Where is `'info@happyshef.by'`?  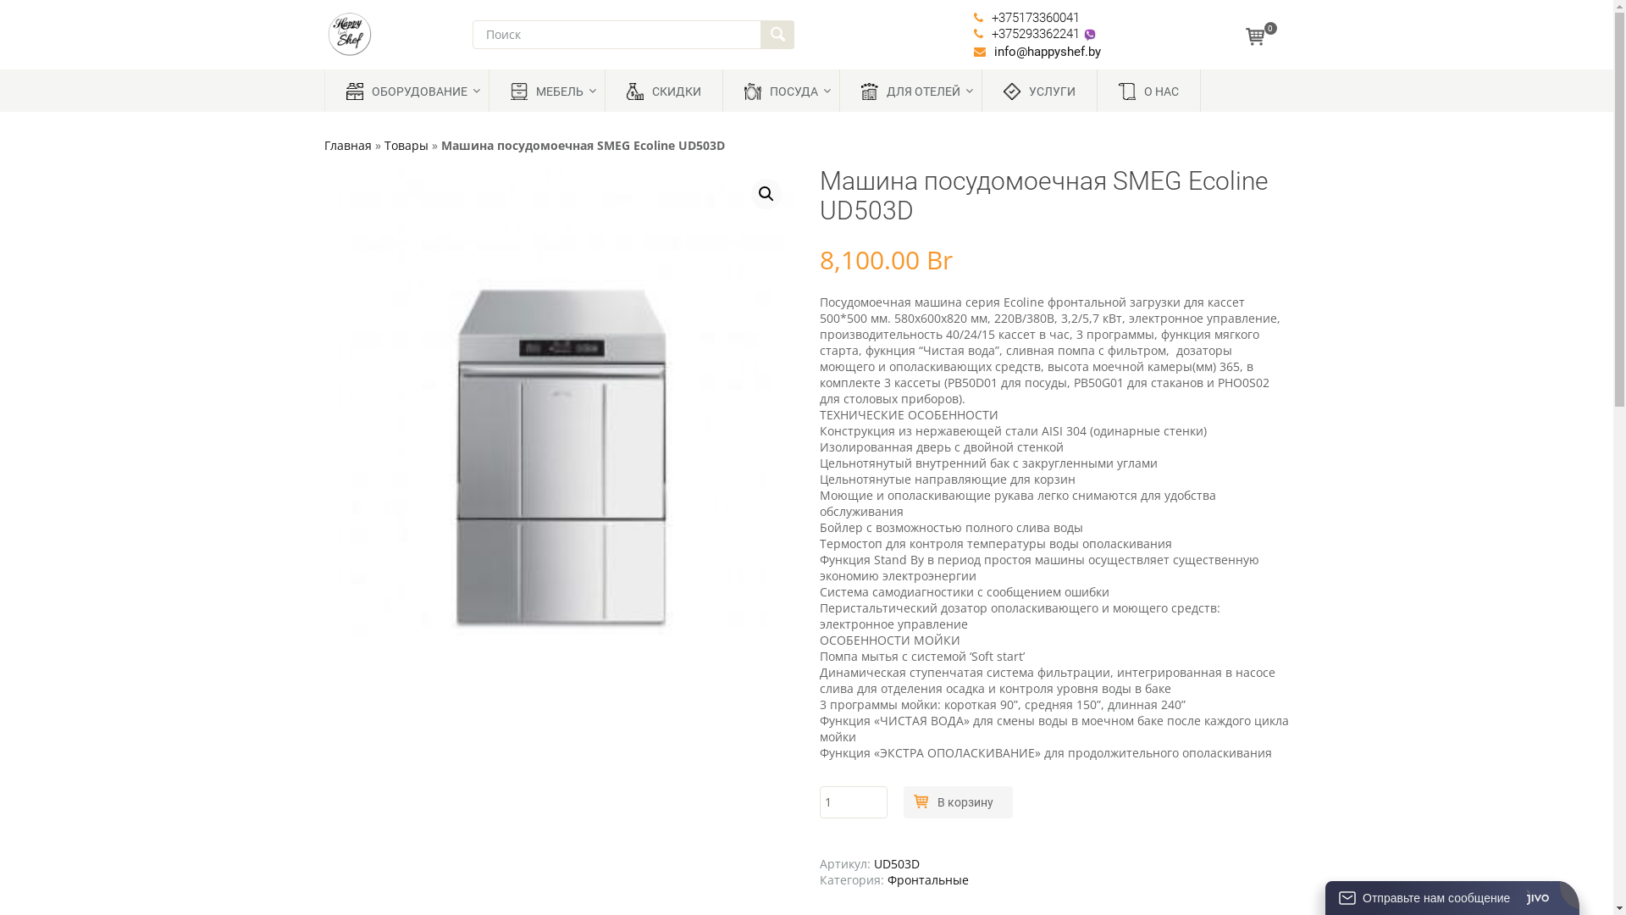
'info@happyshef.by' is located at coordinates (1047, 51).